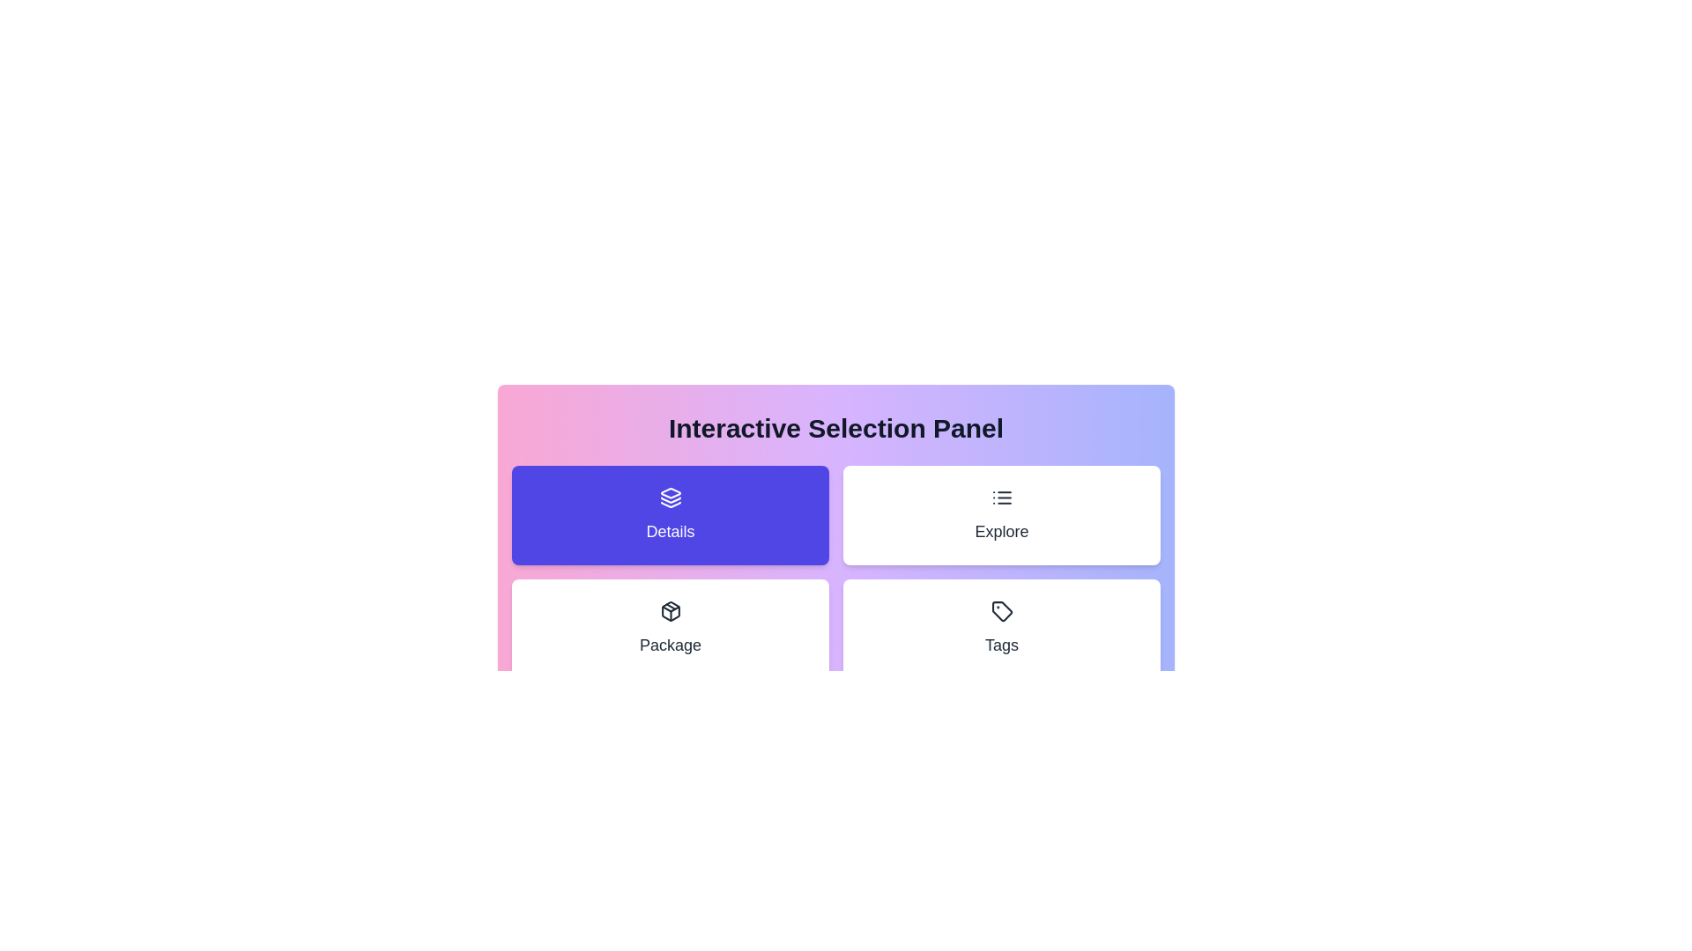 The height and width of the screenshot is (951, 1692). Describe the element at coordinates (670, 607) in the screenshot. I see `the top triangular section of the package icon located in the lower-left quadrant under the 'Package' label` at that location.